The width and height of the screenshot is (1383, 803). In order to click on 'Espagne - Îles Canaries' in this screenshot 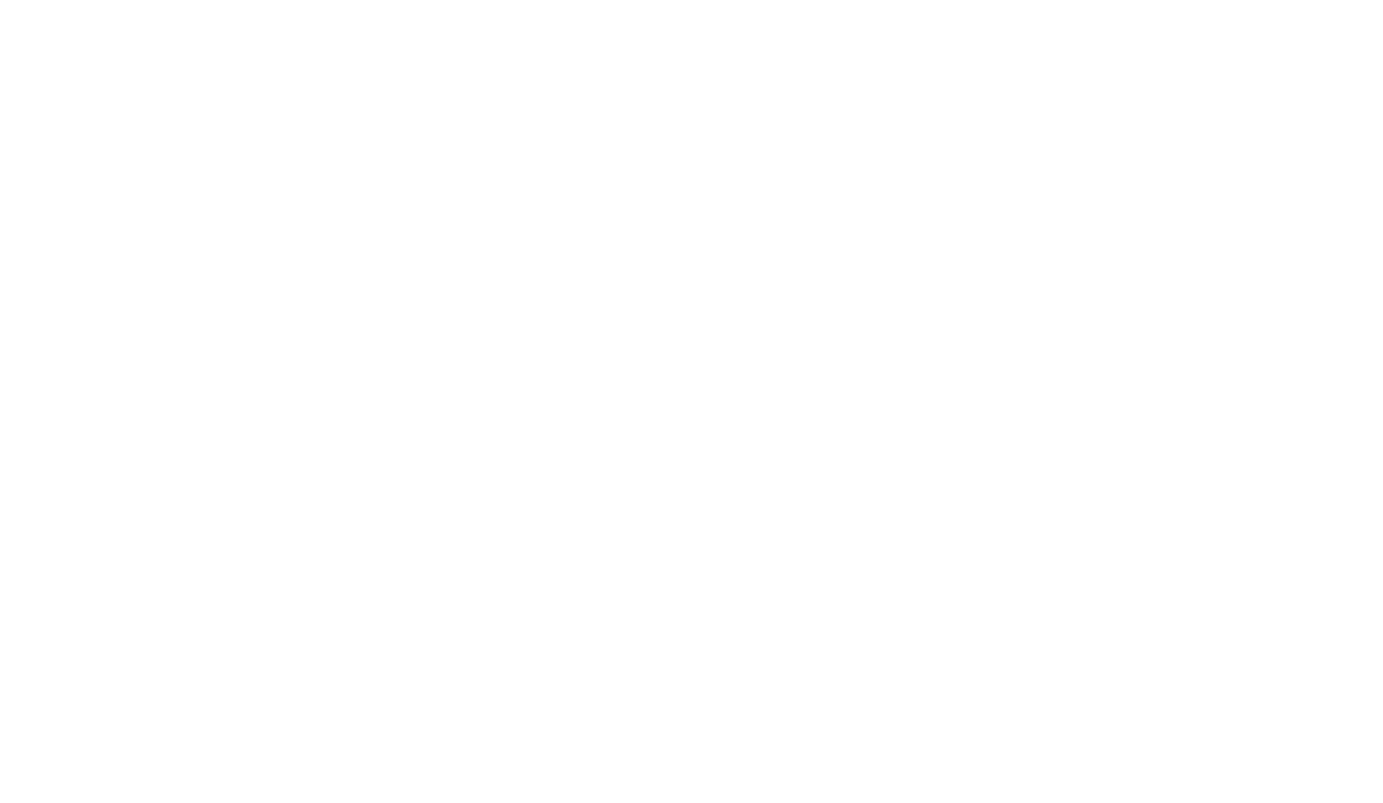, I will do `click(690, 432)`.